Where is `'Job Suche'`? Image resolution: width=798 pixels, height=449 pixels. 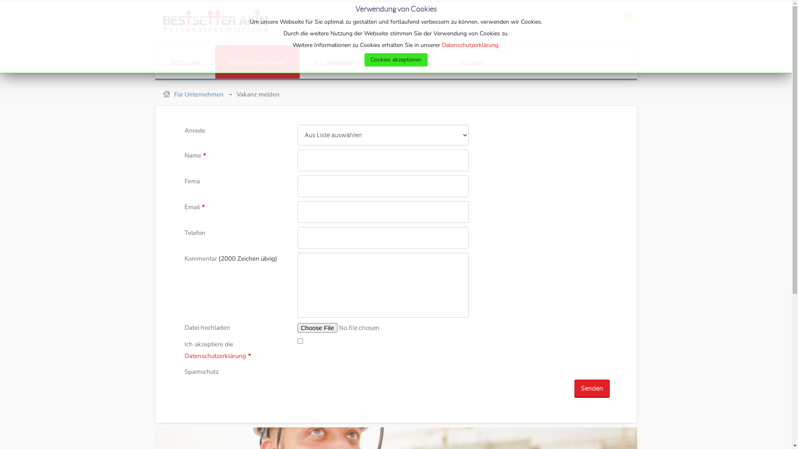
'Job Suche' is located at coordinates (184, 62).